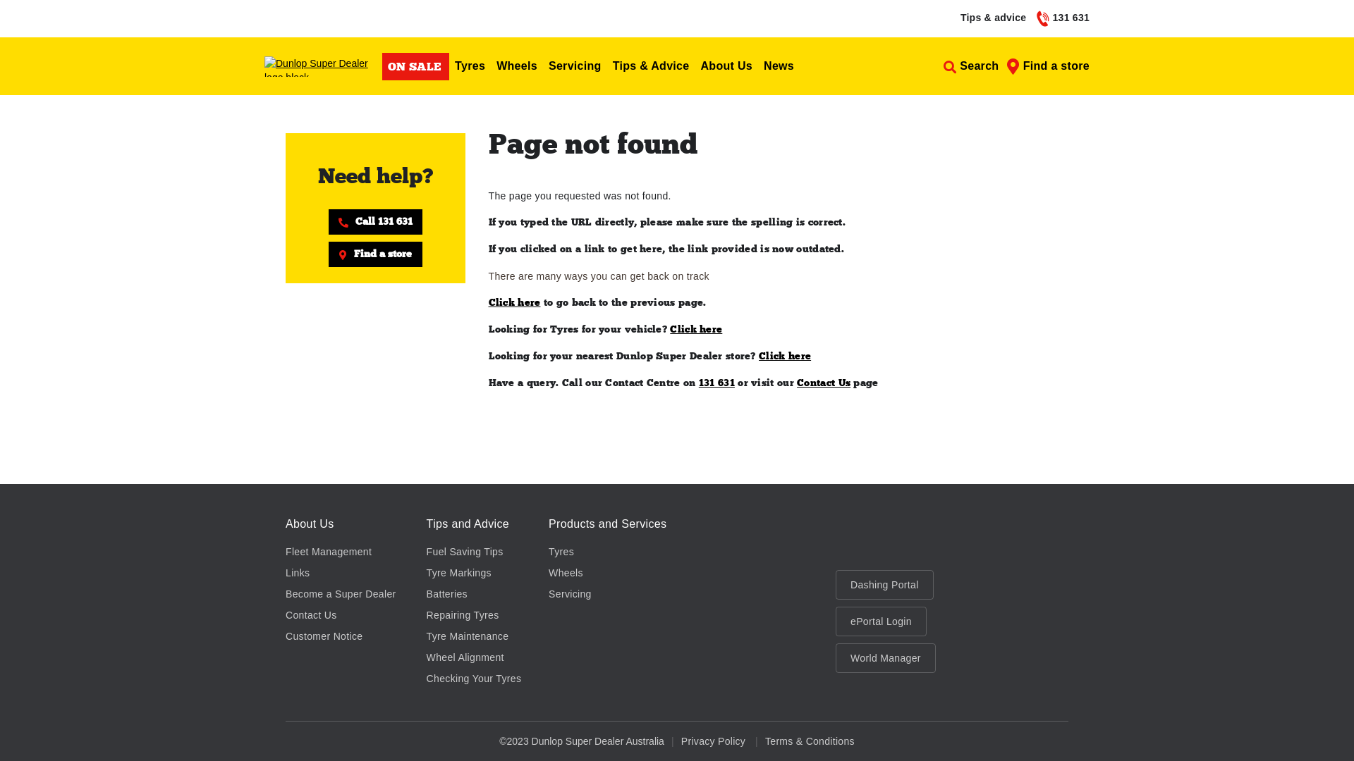  I want to click on 'Batteries', so click(446, 594).